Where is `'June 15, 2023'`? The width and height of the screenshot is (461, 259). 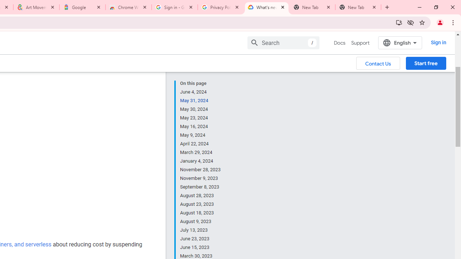 'June 15, 2023' is located at coordinates (201, 247).